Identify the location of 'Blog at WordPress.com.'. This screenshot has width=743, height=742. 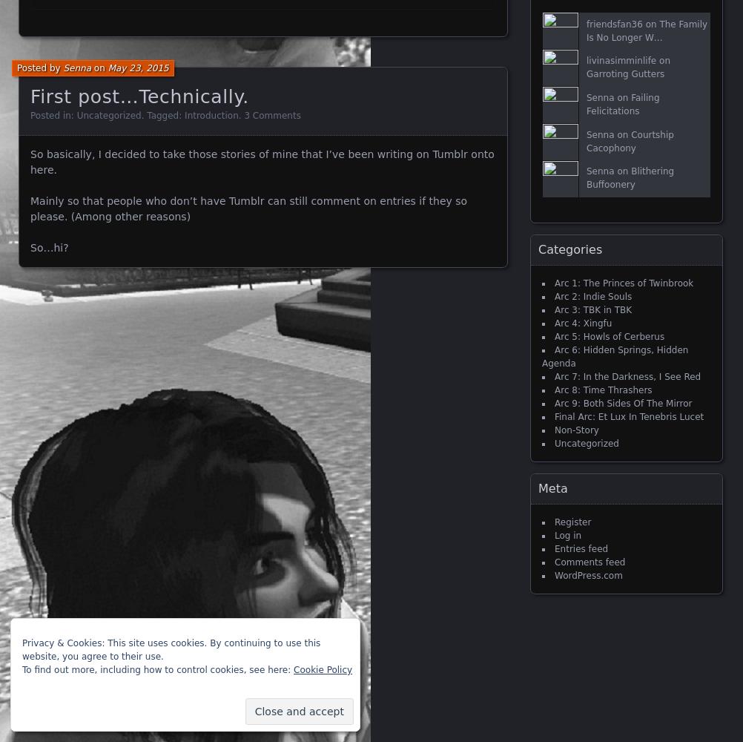
(185, 668).